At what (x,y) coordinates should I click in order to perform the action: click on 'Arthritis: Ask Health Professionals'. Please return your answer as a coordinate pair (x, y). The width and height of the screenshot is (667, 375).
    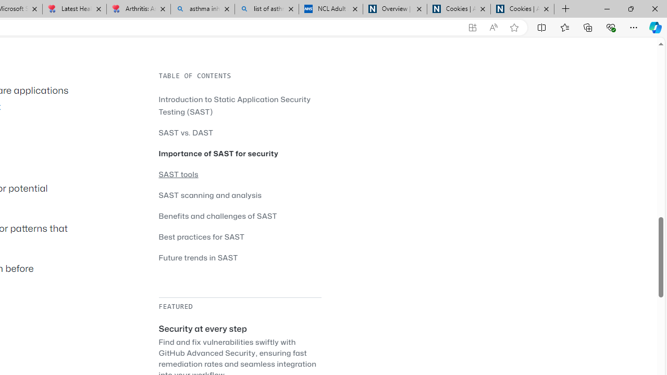
    Looking at the image, I should click on (138, 9).